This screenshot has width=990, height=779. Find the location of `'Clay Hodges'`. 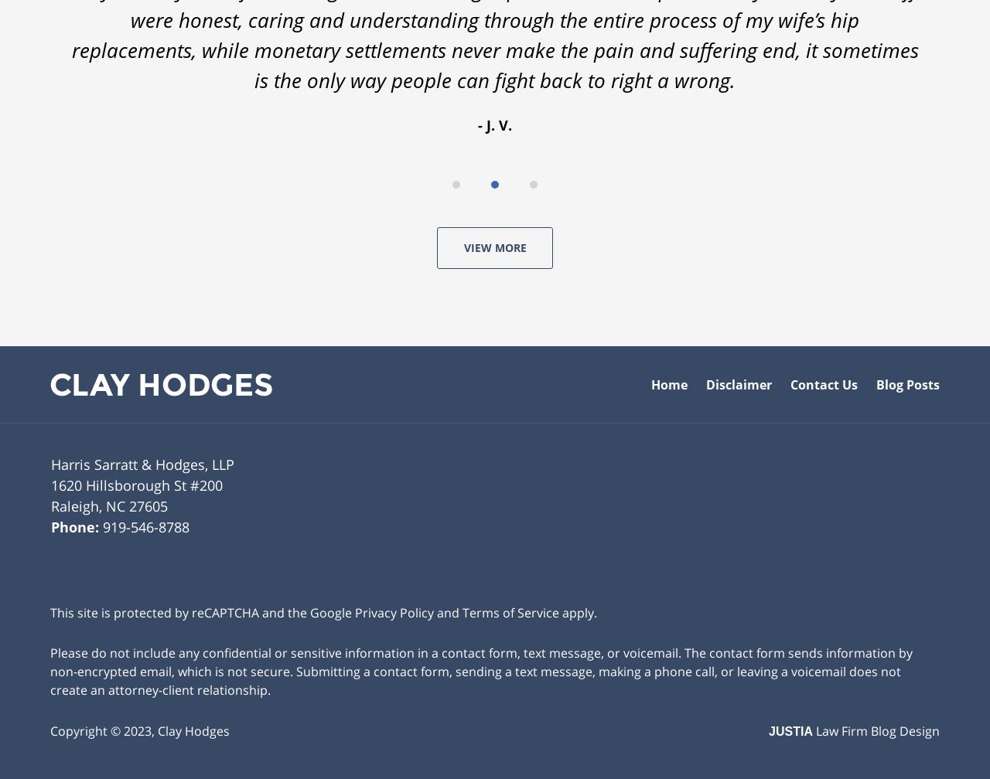

'Clay Hodges' is located at coordinates (193, 727).